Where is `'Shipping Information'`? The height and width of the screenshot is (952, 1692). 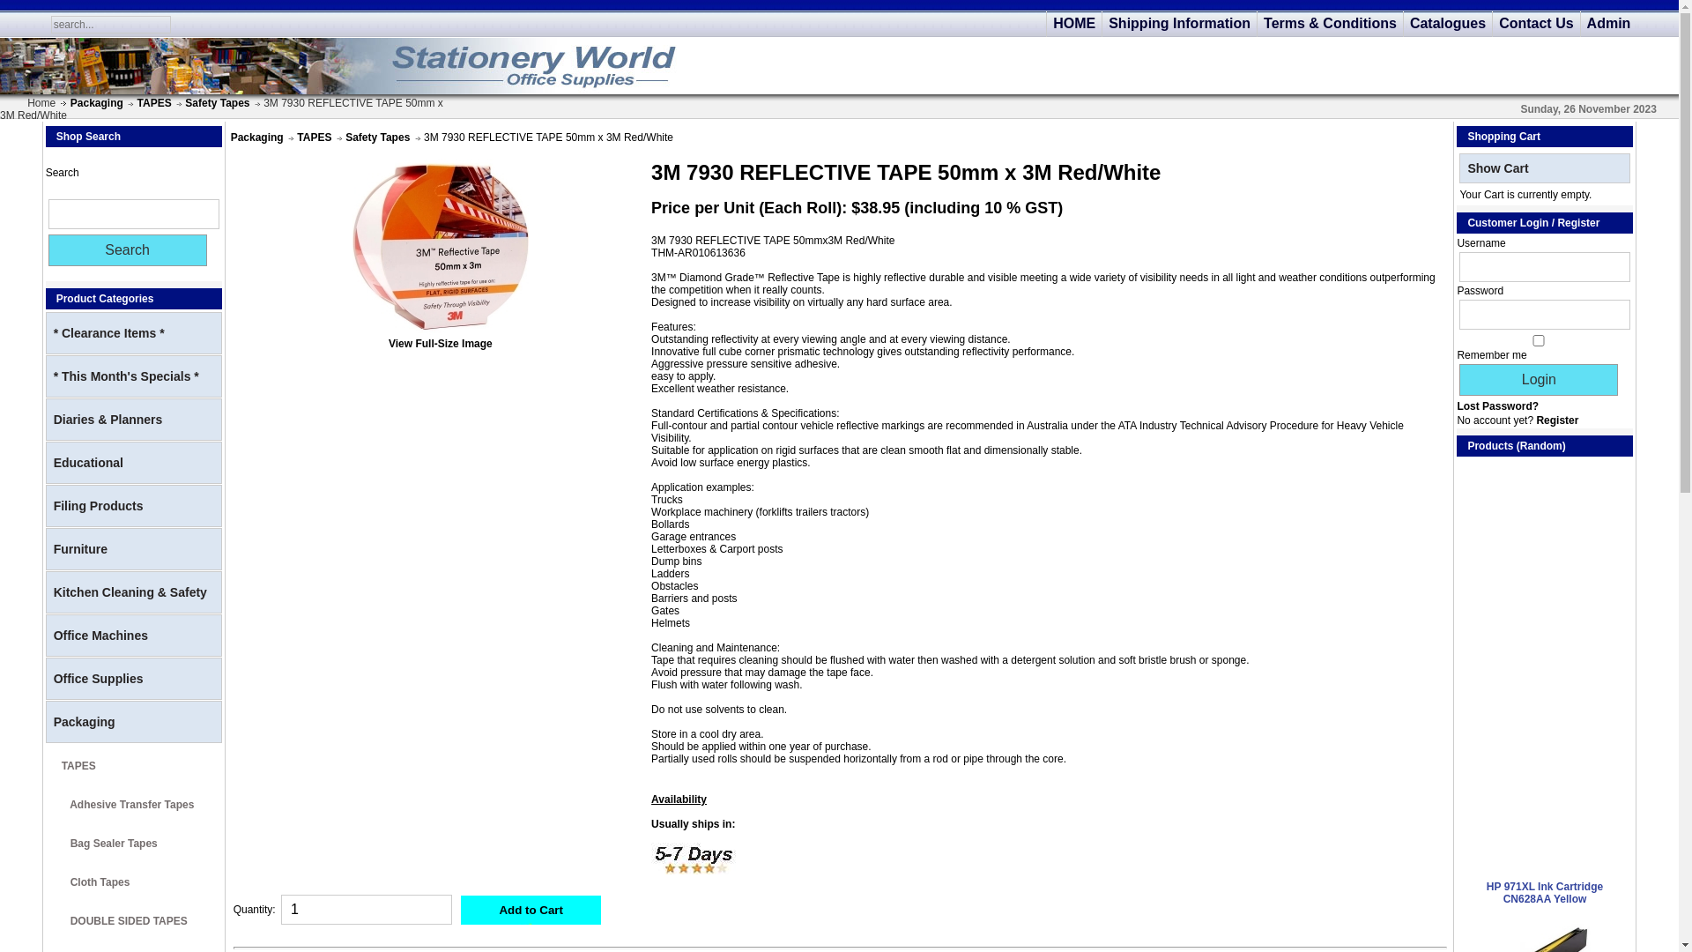
'Shipping Information' is located at coordinates (1102, 23).